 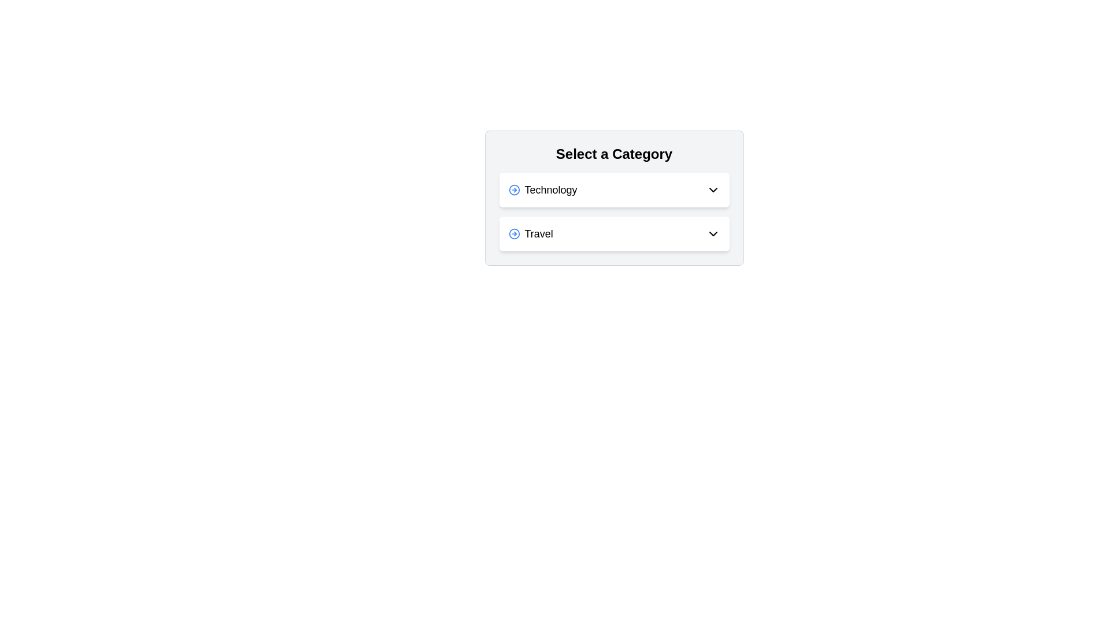 I want to click on the circular graphical element that is filled with blue and has a white center, part of the right-pointing arrow graphic next to the 'Technology' label in the category selection interface, so click(x=513, y=234).